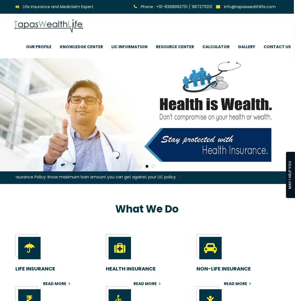  Describe the element at coordinates (175, 46) in the screenshot. I see `'Resource Center'` at that location.